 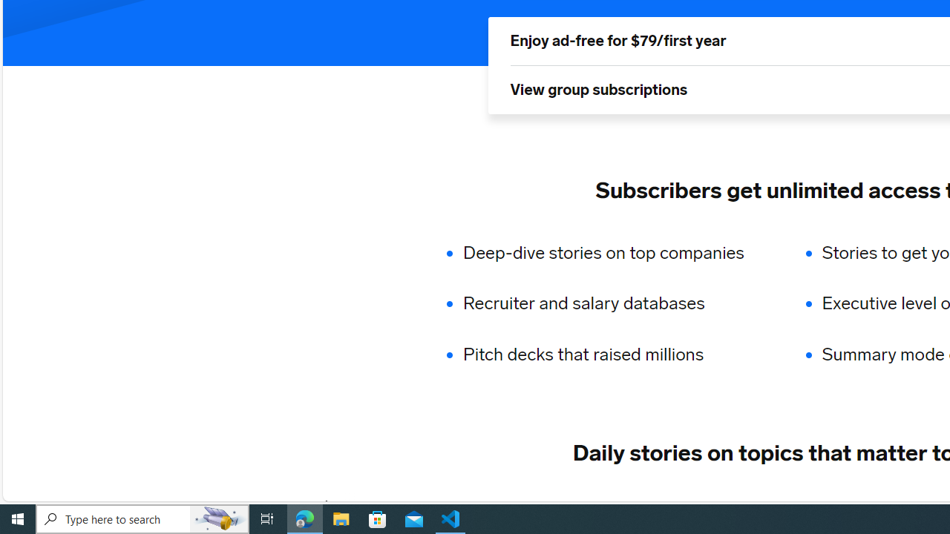 I want to click on 'Recruiter and salary databases', so click(x=613, y=303).